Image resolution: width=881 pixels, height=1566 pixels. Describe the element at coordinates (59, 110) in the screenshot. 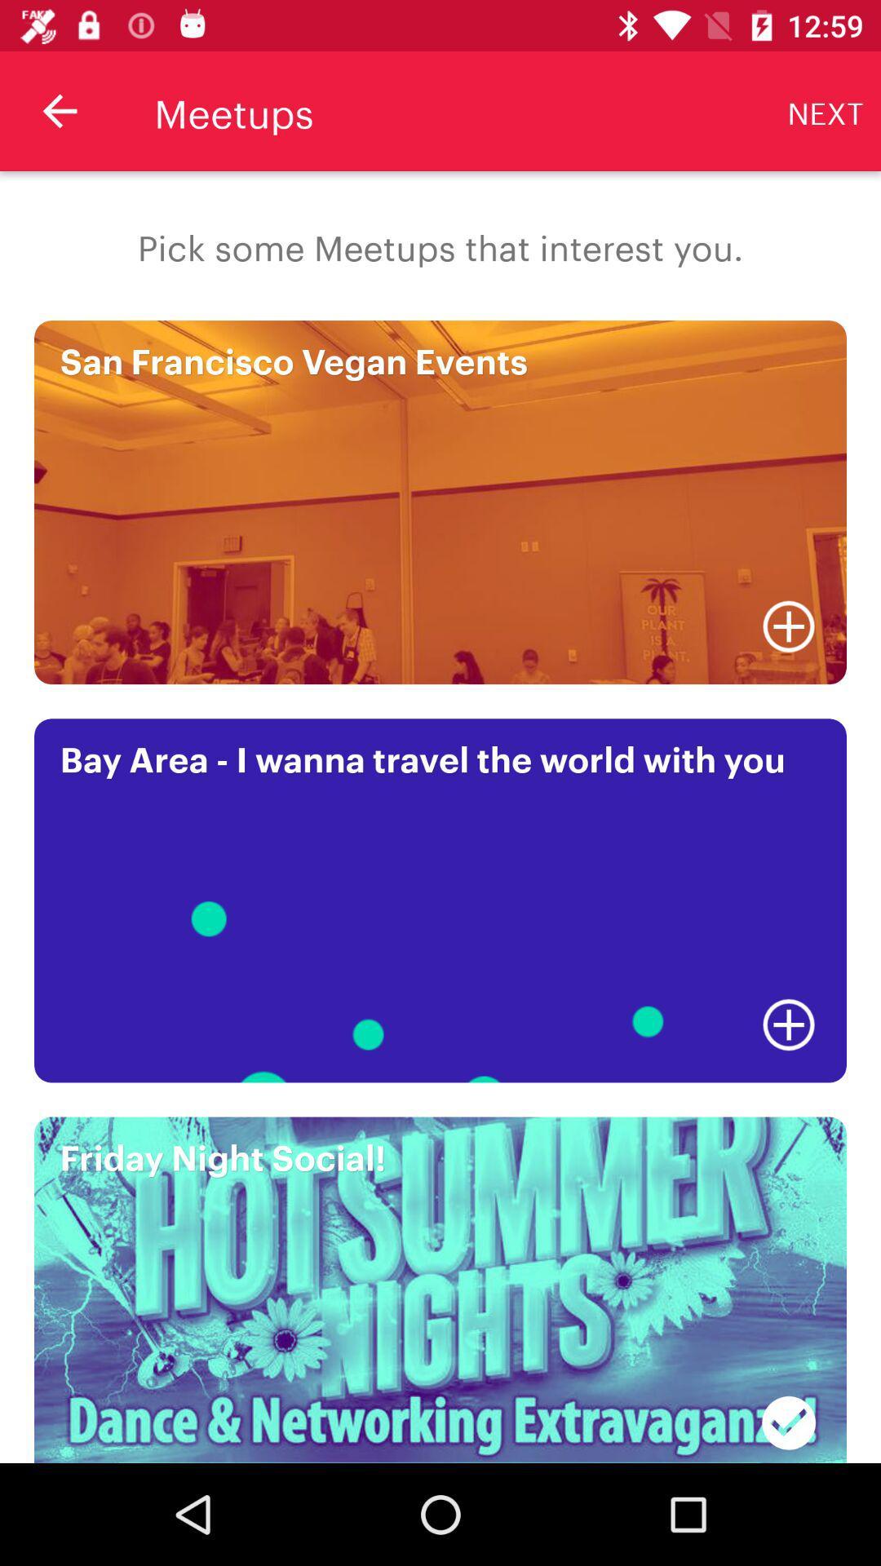

I see `the icon above the pick some meetups` at that location.